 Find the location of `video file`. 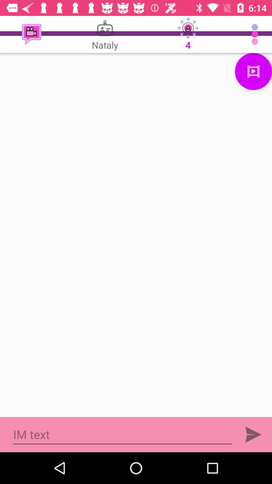

video file is located at coordinates (253, 71).